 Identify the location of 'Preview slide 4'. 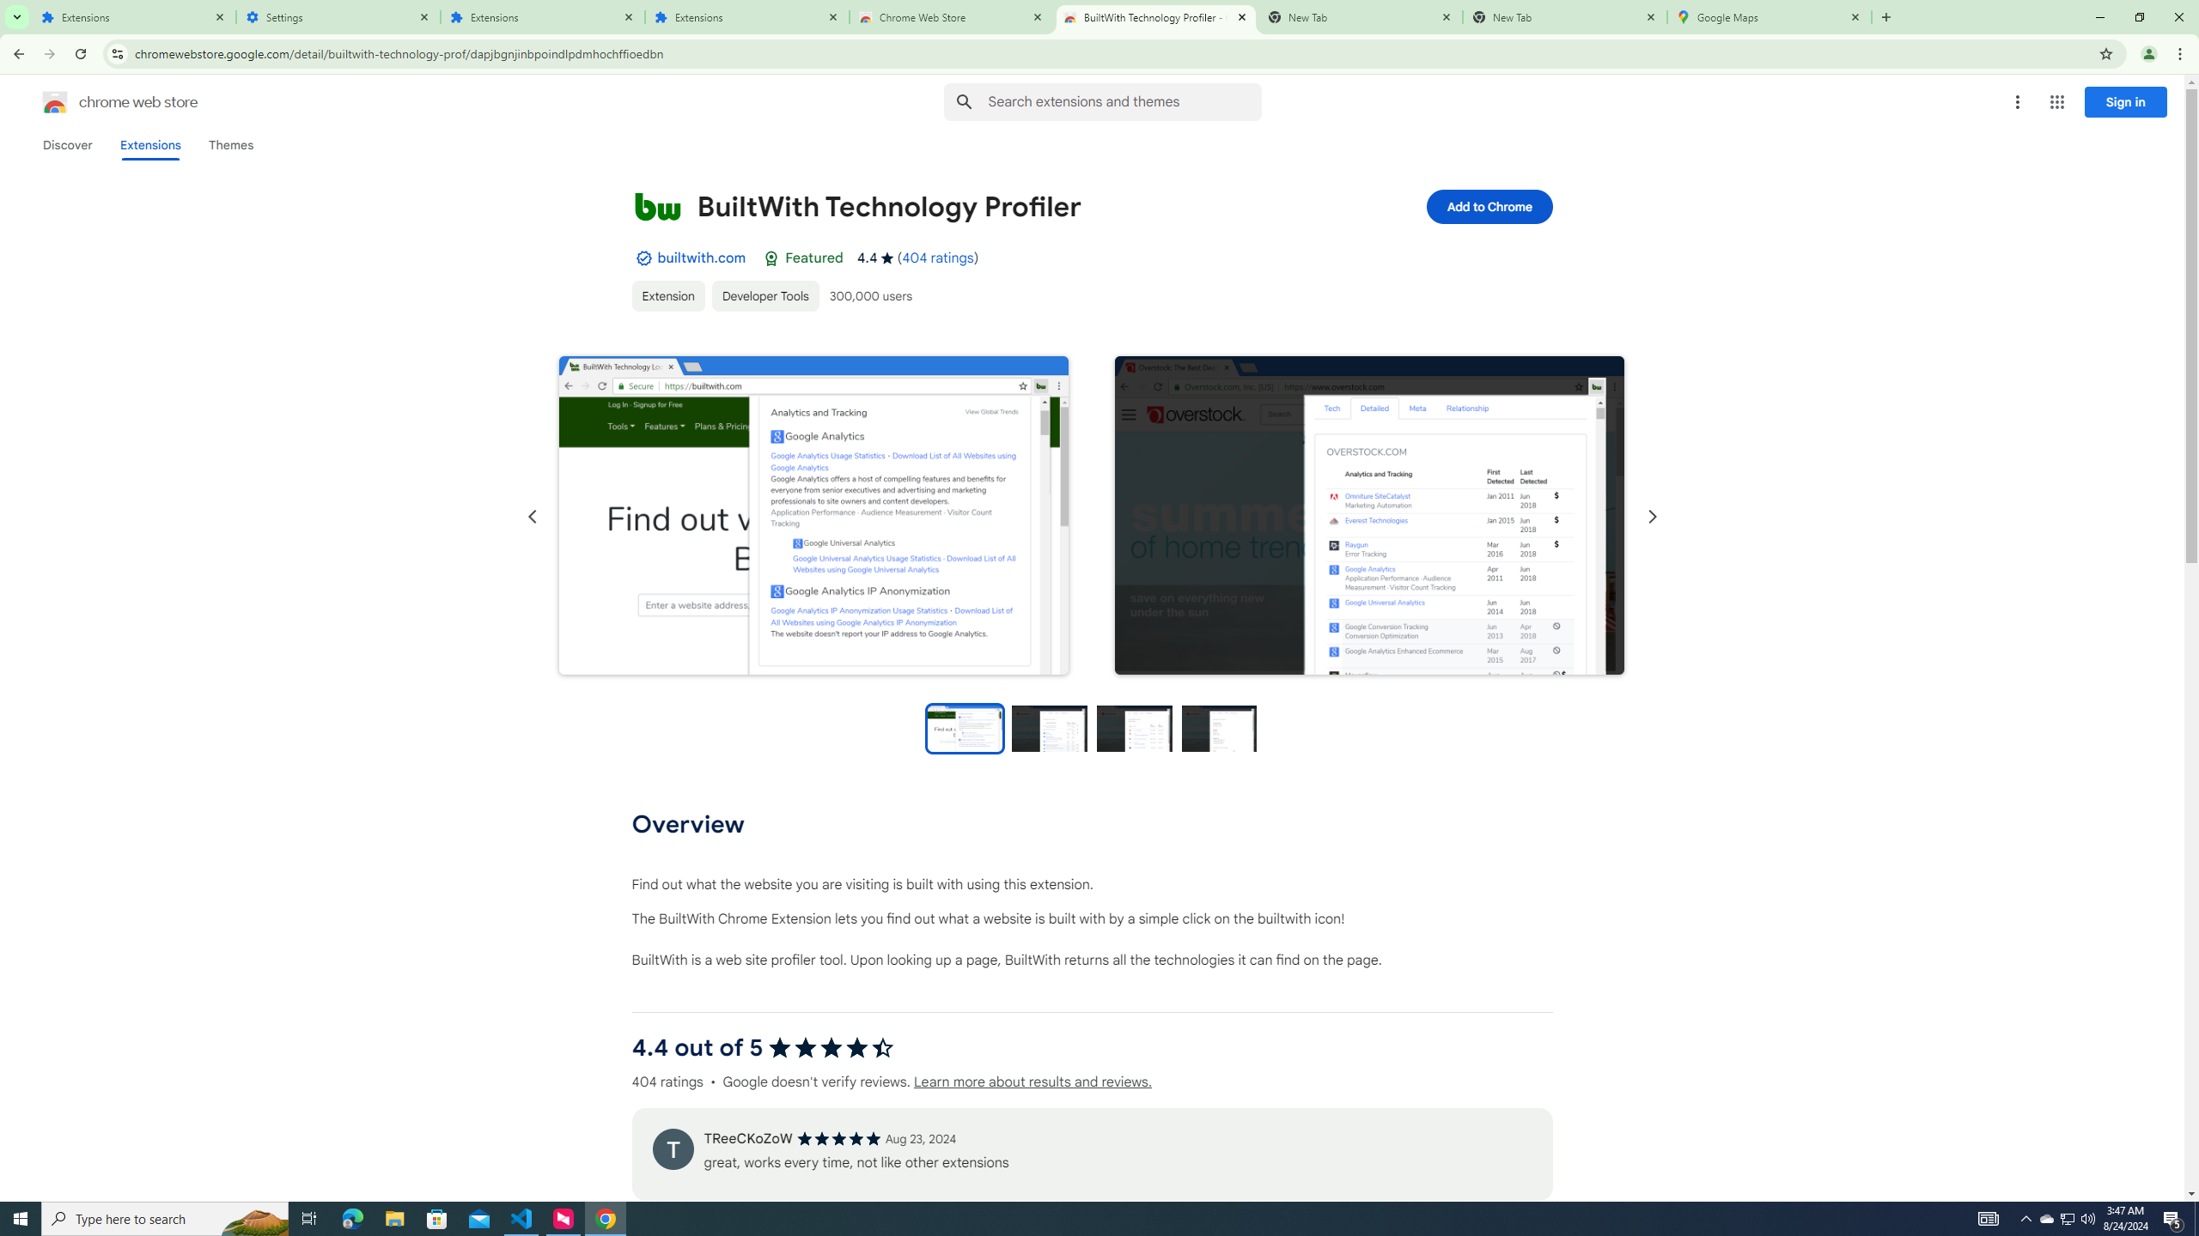
(1219, 727).